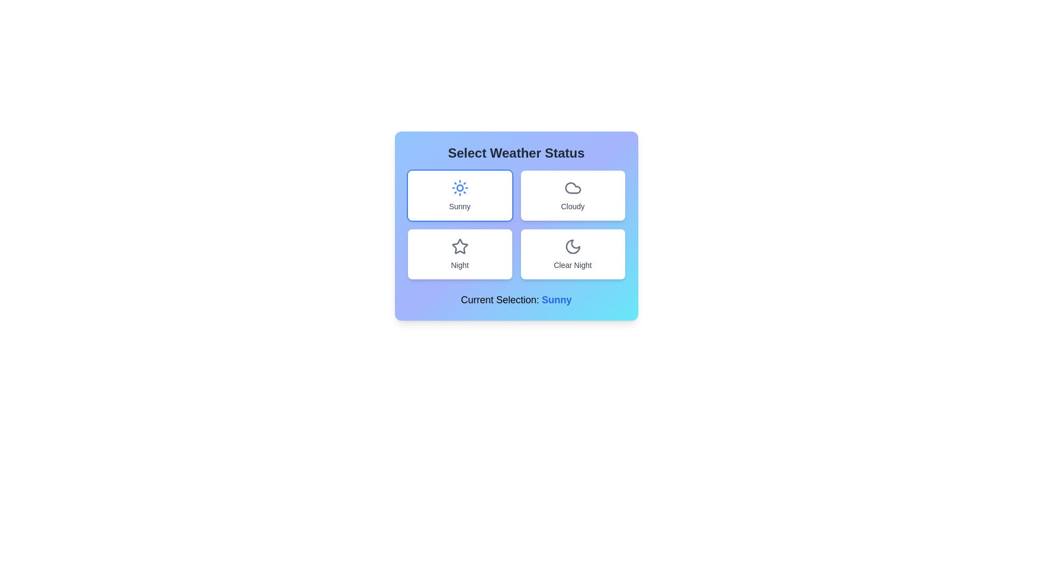 The height and width of the screenshot is (587, 1043). What do you see at coordinates (460, 188) in the screenshot?
I see `the 'Sunny' weather icon located in the first row and first column of the 2x2 grid interface` at bounding box center [460, 188].